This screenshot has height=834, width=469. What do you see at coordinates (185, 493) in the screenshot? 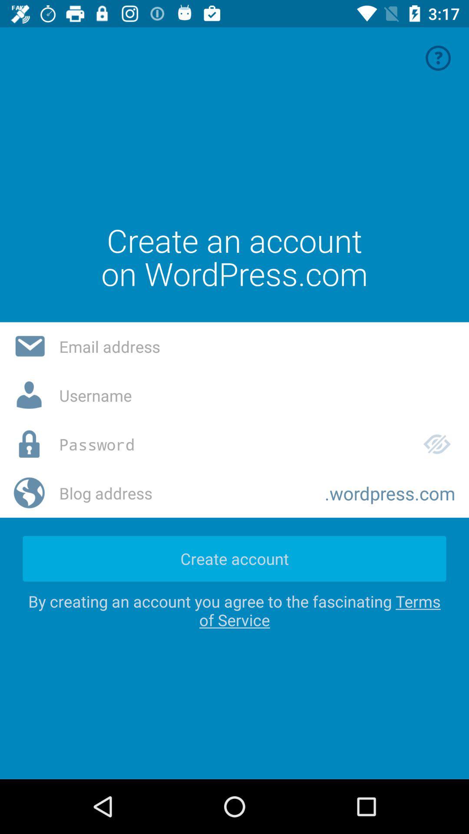
I see `item above create account` at bounding box center [185, 493].